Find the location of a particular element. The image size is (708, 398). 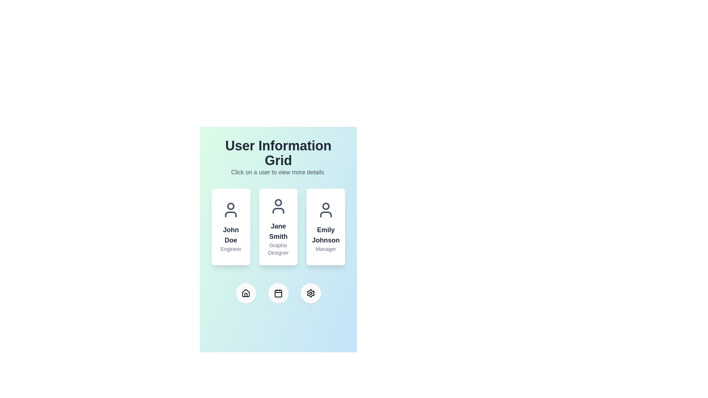

the text label indicating the role or position of 'Emily Johnson' within the user card, located at the far right of the grid is located at coordinates (325, 249).